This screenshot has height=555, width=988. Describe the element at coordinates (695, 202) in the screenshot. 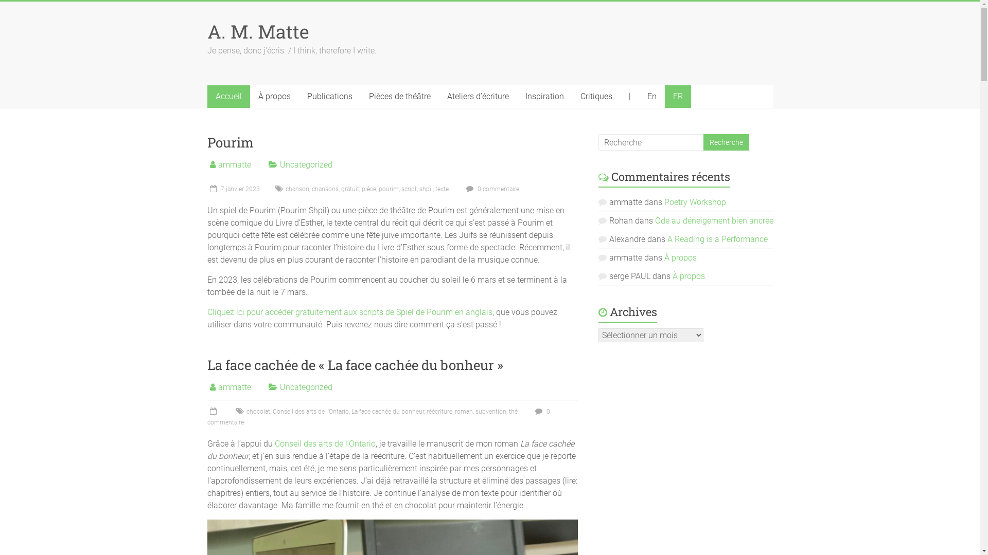

I see `'Poetry Workshop'` at that location.